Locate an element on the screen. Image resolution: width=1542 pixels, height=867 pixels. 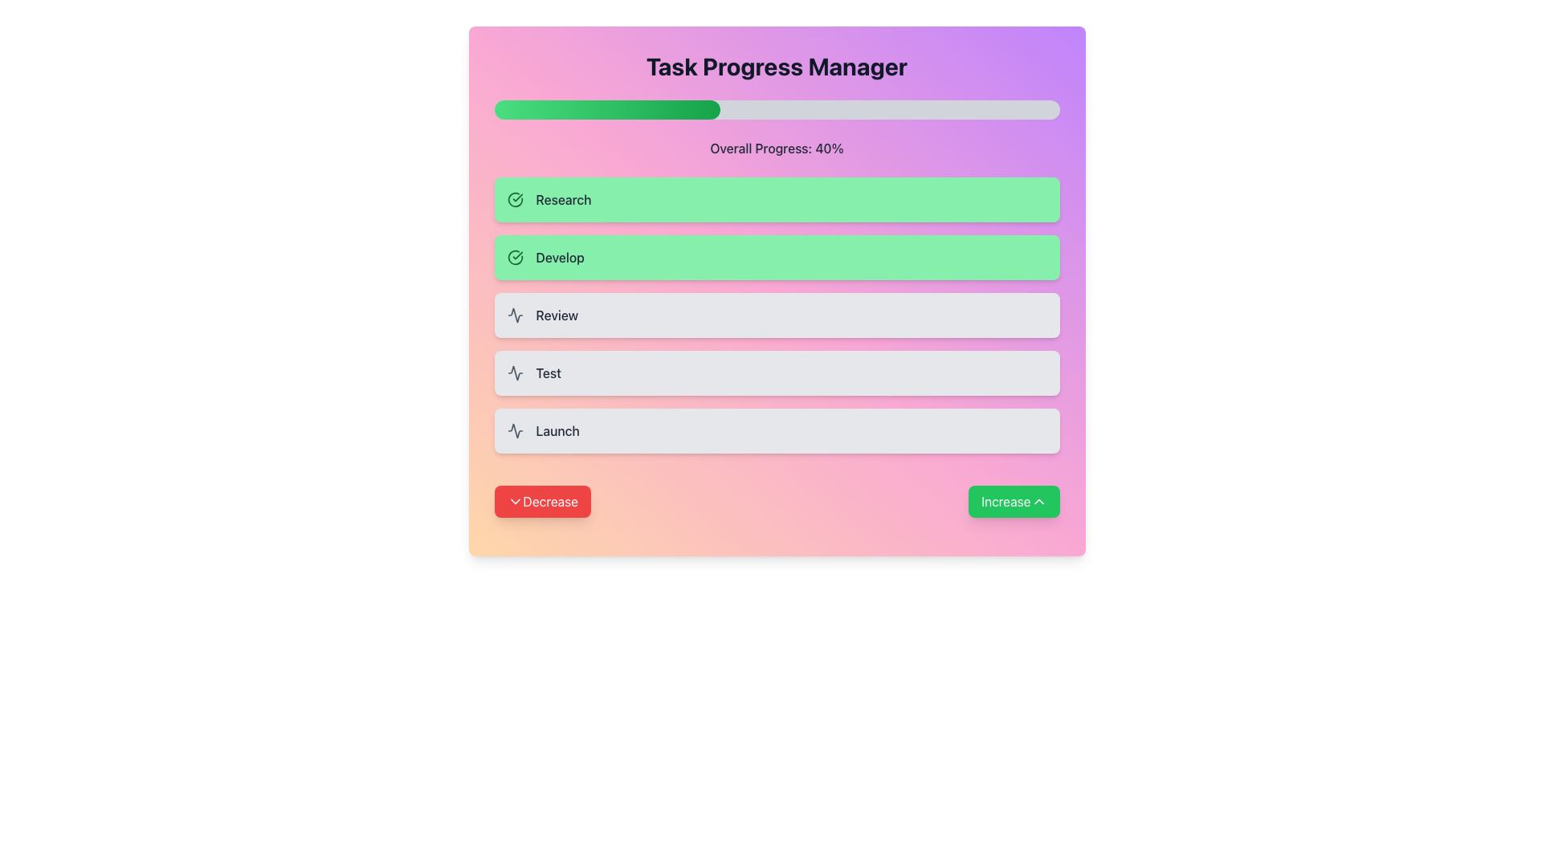
the downward chevron icon with a thin black stroke located inside the 'Decrease' button near the lower-left corner of the application interface is located at coordinates (515, 500).